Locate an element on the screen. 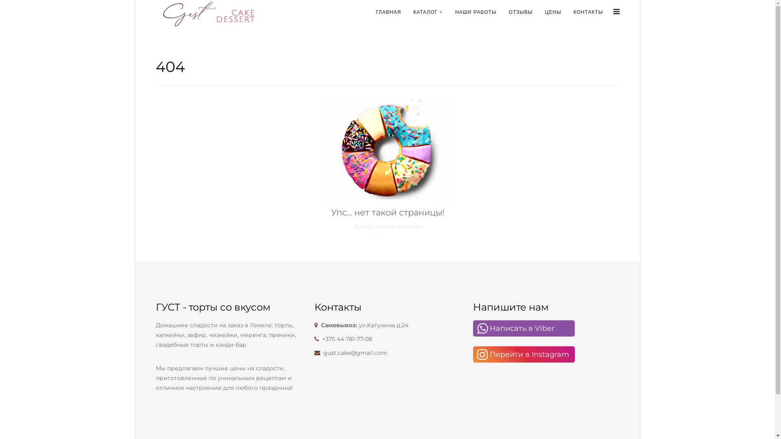 The height and width of the screenshot is (439, 781). 'gust.cake@gmail.com' is located at coordinates (355, 352).